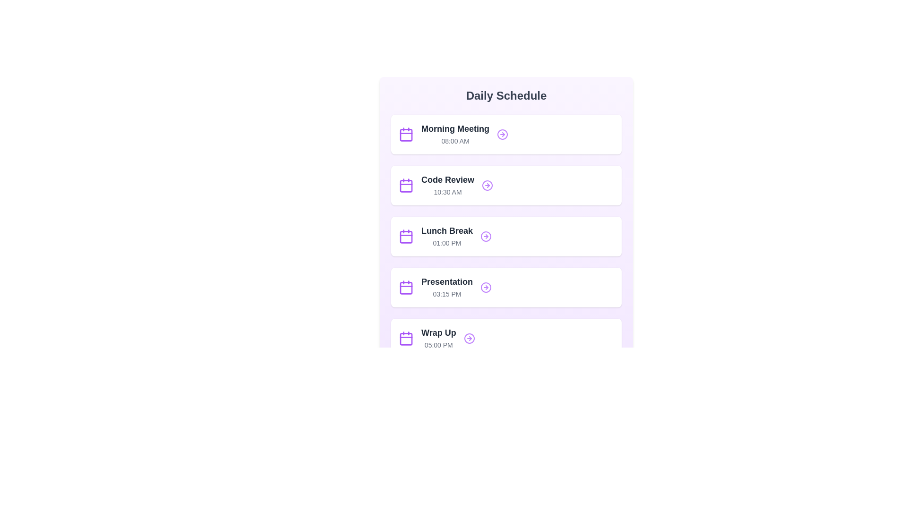 Image resolution: width=907 pixels, height=510 pixels. What do you see at coordinates (406, 236) in the screenshot?
I see `the main rectangular section of the calendar icon, which visually represents the area for date-related data` at bounding box center [406, 236].